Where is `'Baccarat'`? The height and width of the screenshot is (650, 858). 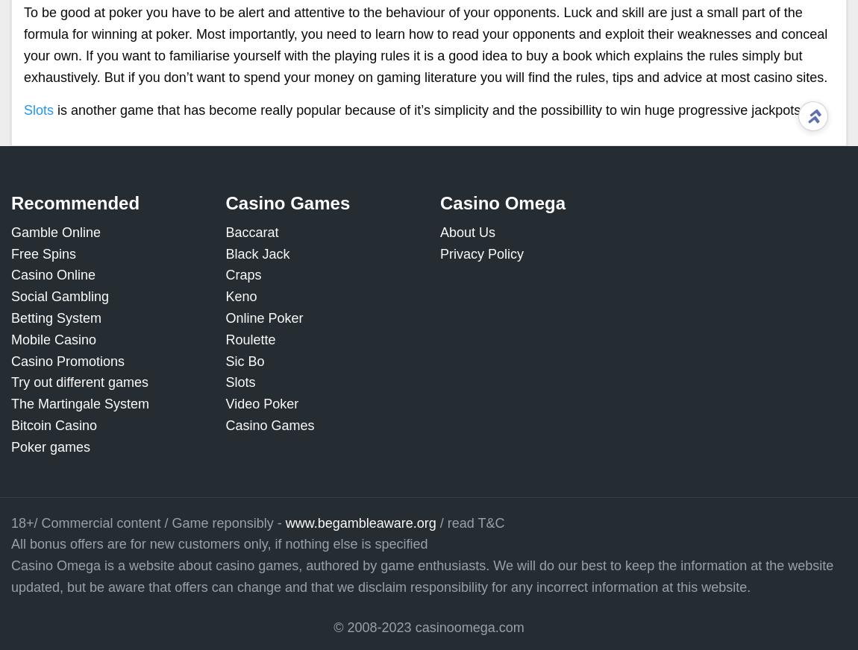 'Baccarat' is located at coordinates (225, 231).